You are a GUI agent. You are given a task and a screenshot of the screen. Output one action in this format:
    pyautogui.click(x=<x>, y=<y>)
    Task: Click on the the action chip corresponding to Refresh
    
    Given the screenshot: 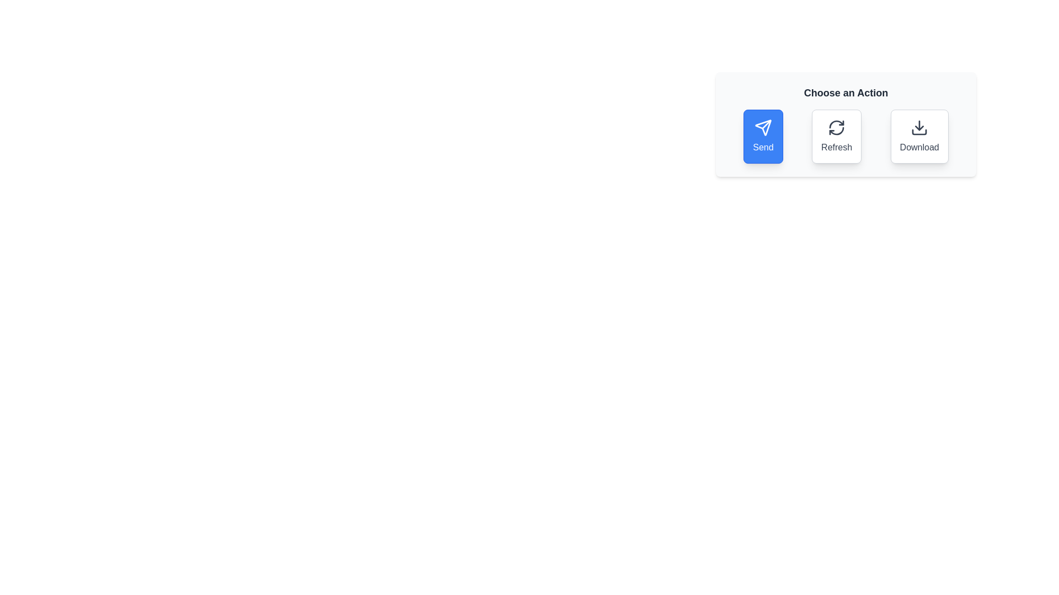 What is the action you would take?
    pyautogui.click(x=837, y=136)
    